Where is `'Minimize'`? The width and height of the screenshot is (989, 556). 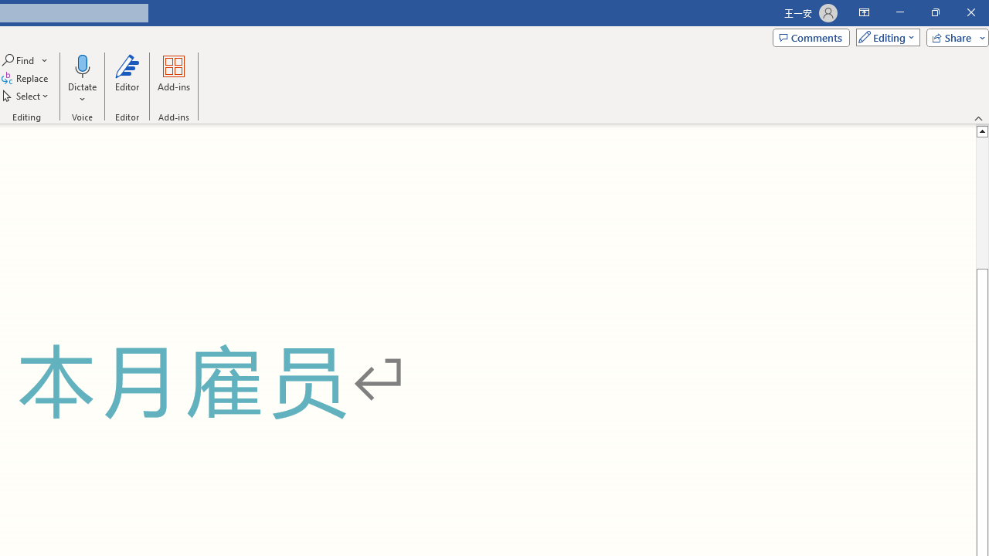 'Minimize' is located at coordinates (899, 12).